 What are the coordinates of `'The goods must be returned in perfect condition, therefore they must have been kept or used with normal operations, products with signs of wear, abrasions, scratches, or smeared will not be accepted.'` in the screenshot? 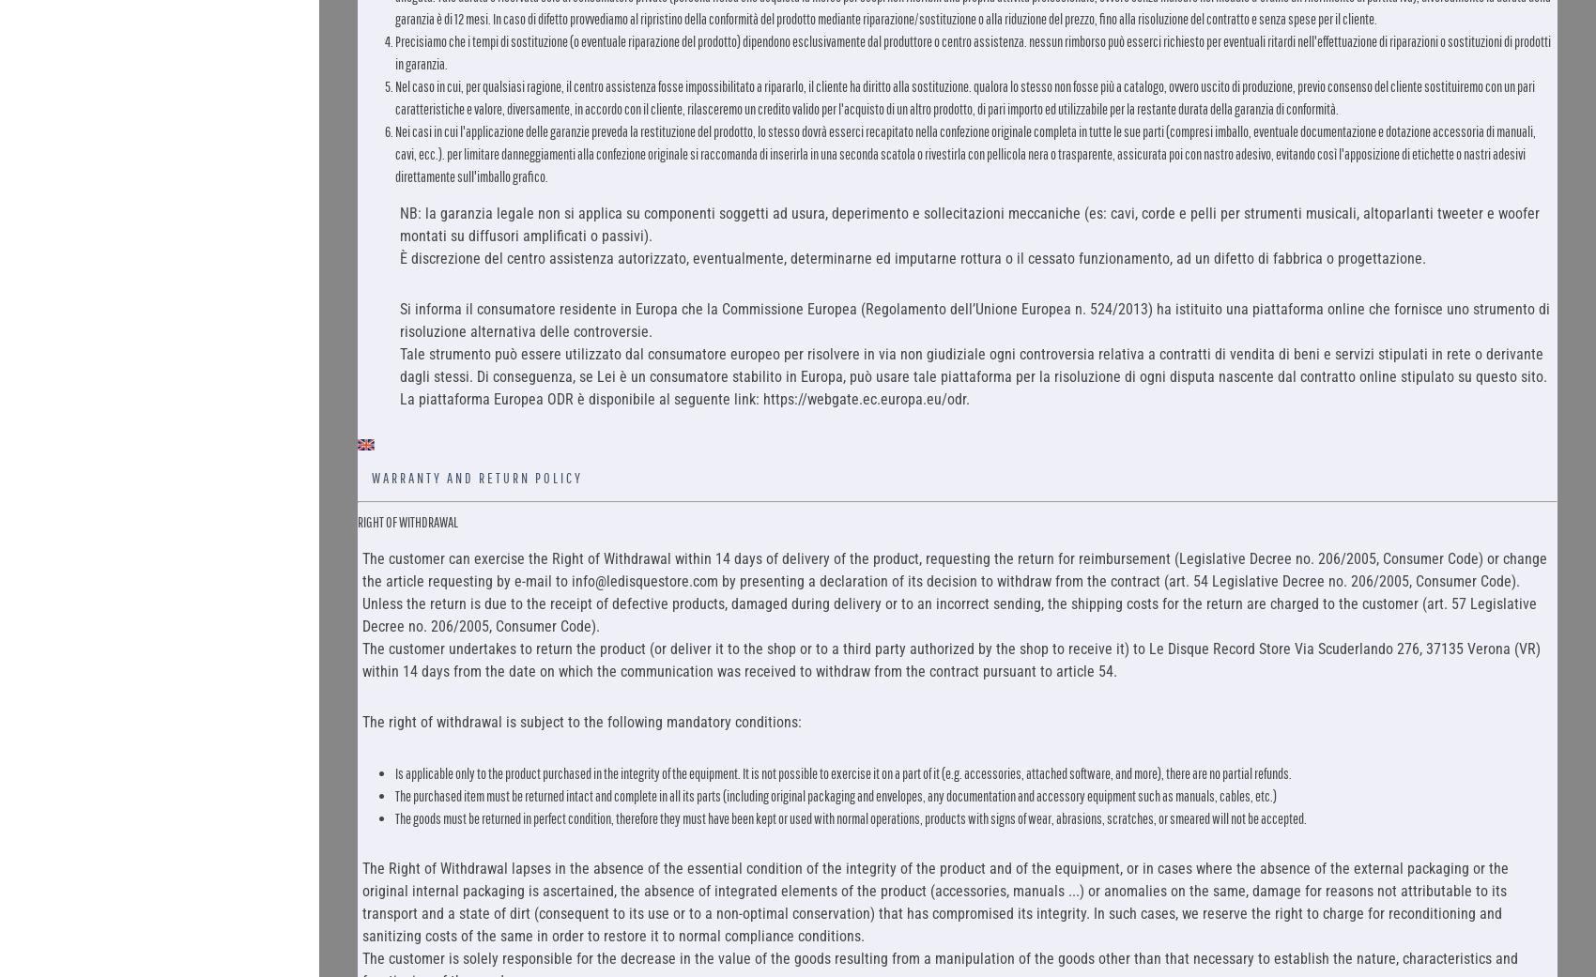 It's located at (850, 817).